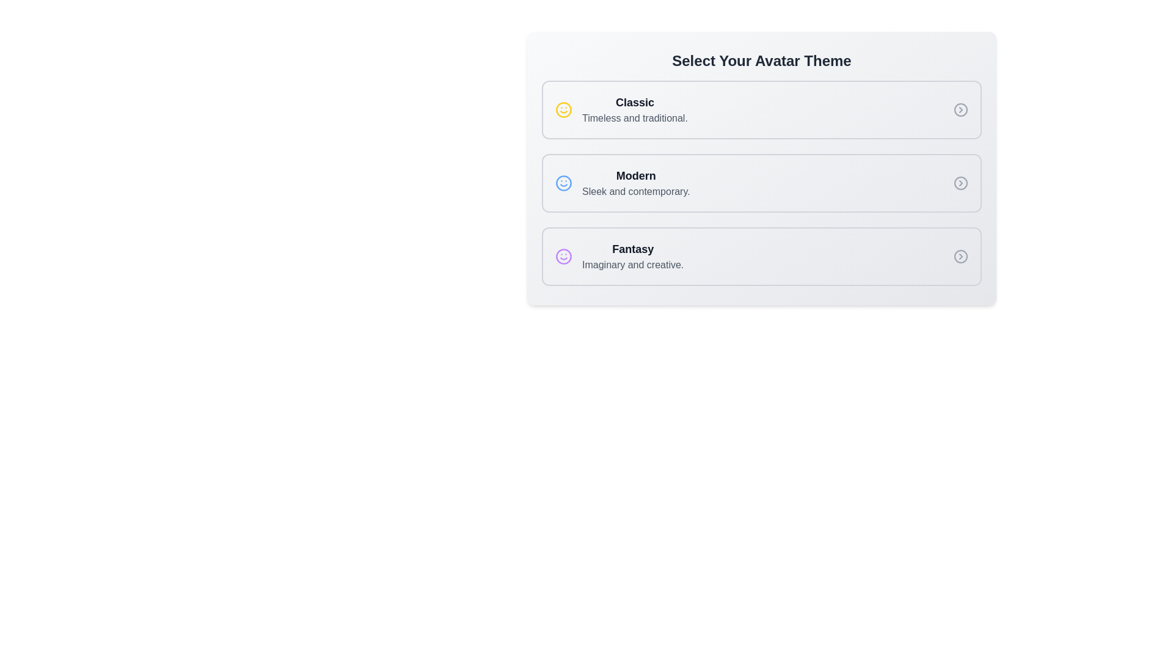 This screenshot has height=660, width=1173. I want to click on informational text element that describes the 'Classic' avatar theme option, located immediately below the title 'Classic' in the avatar themes list, so click(635, 118).